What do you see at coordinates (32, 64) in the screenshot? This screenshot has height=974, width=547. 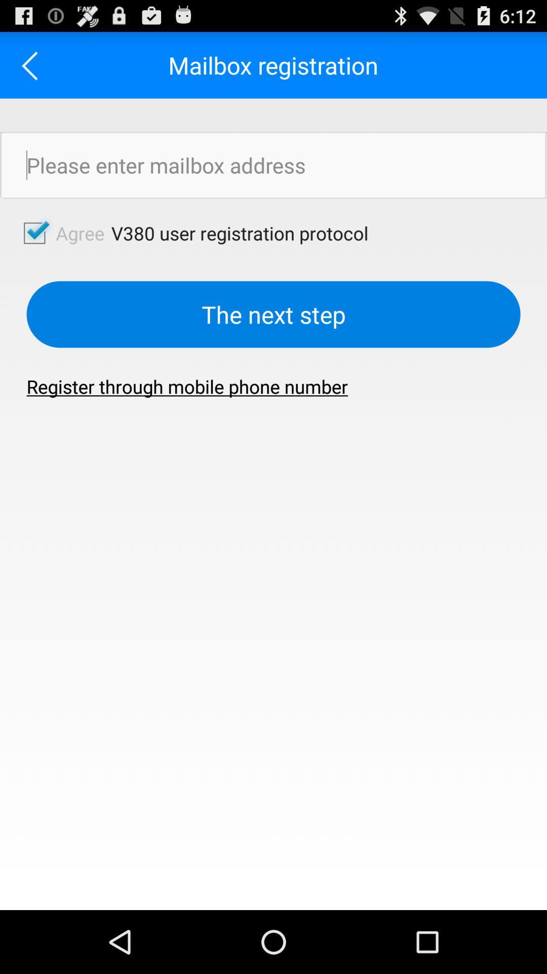 I see `go back` at bounding box center [32, 64].